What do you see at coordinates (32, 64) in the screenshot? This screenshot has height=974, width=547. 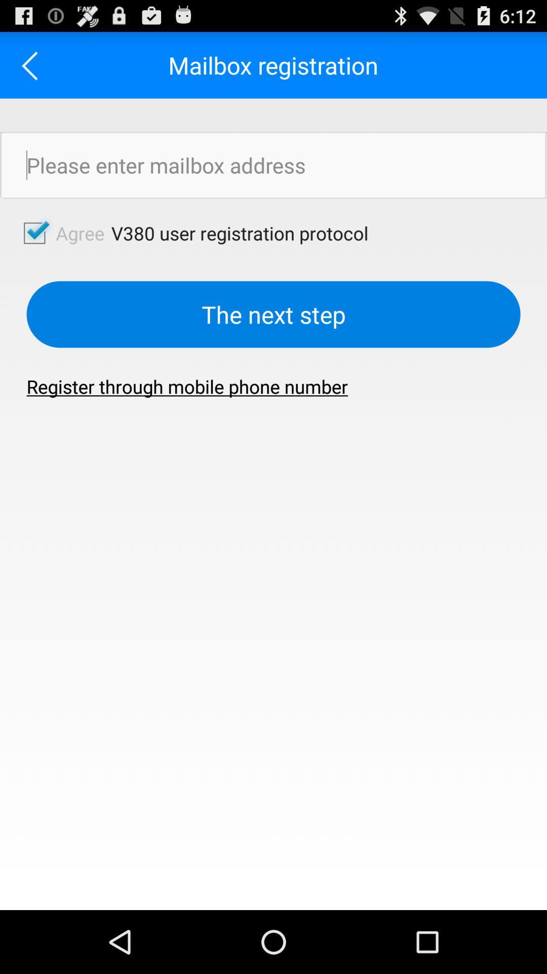 I see `go back` at bounding box center [32, 64].